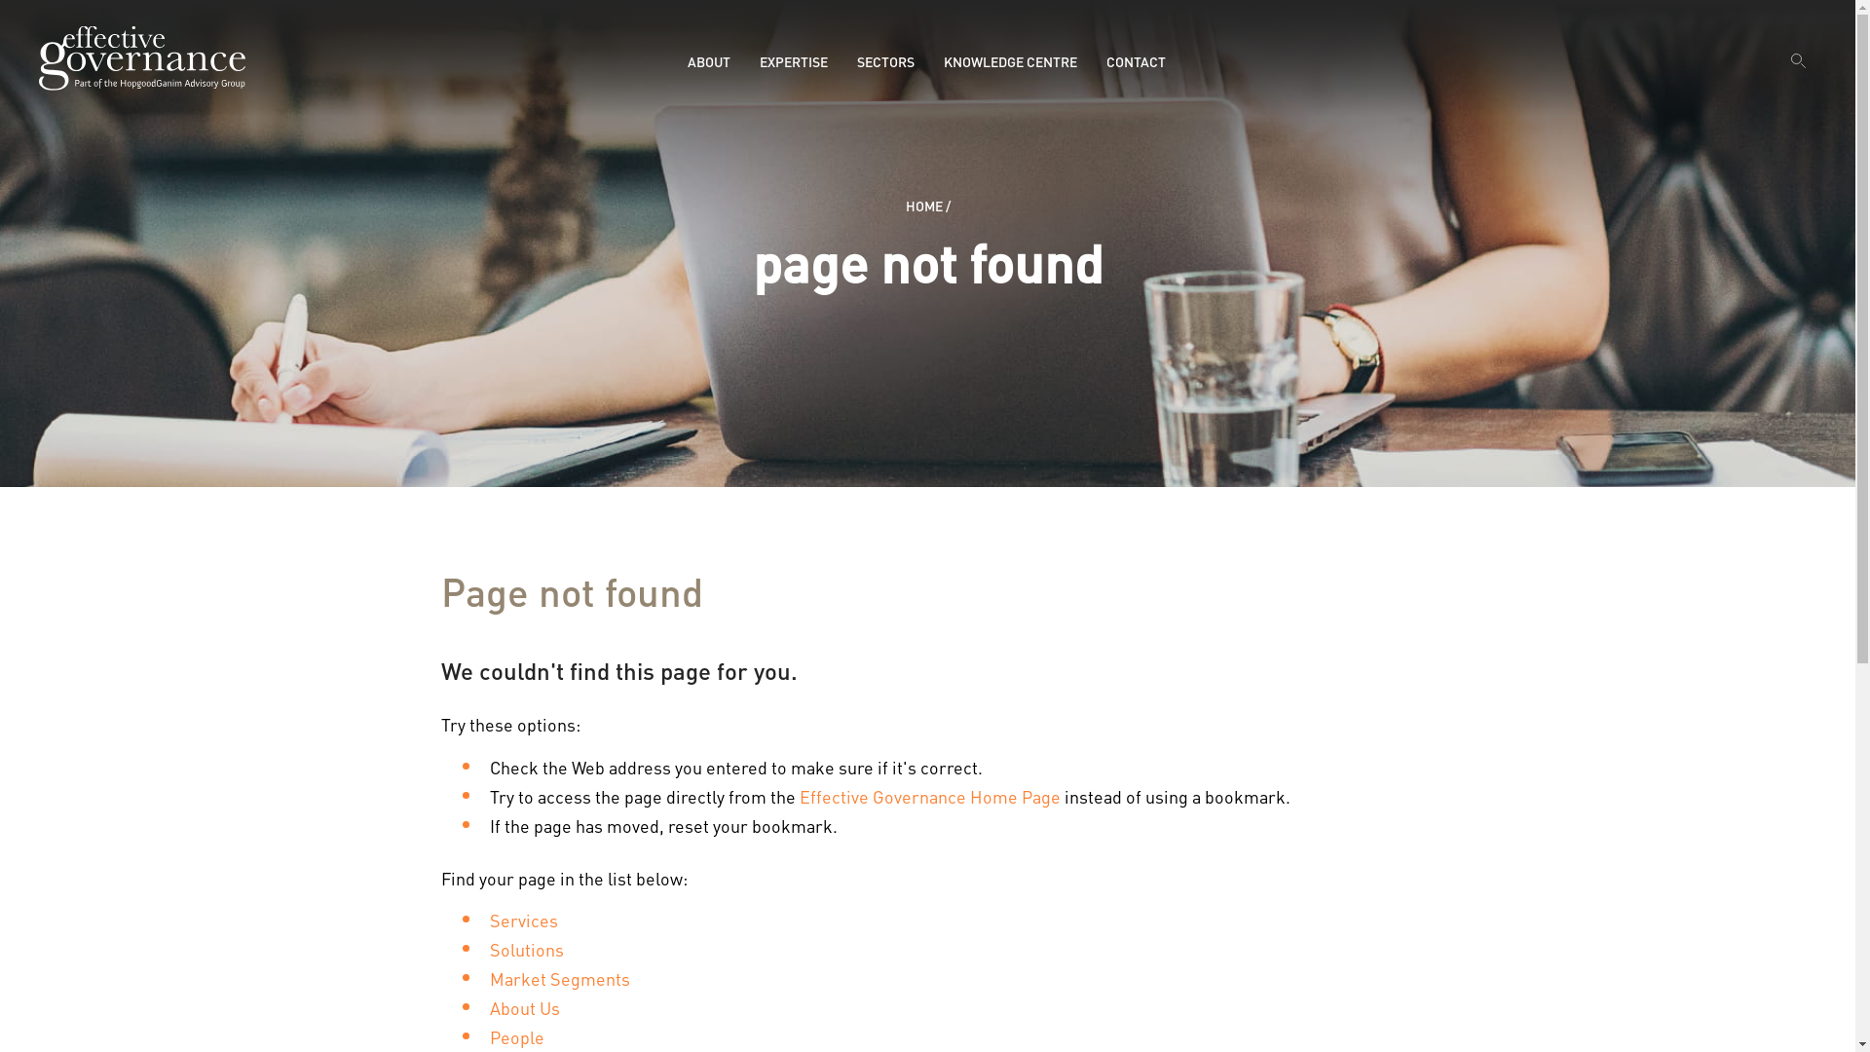  What do you see at coordinates (558, 978) in the screenshot?
I see `'Market Segments'` at bounding box center [558, 978].